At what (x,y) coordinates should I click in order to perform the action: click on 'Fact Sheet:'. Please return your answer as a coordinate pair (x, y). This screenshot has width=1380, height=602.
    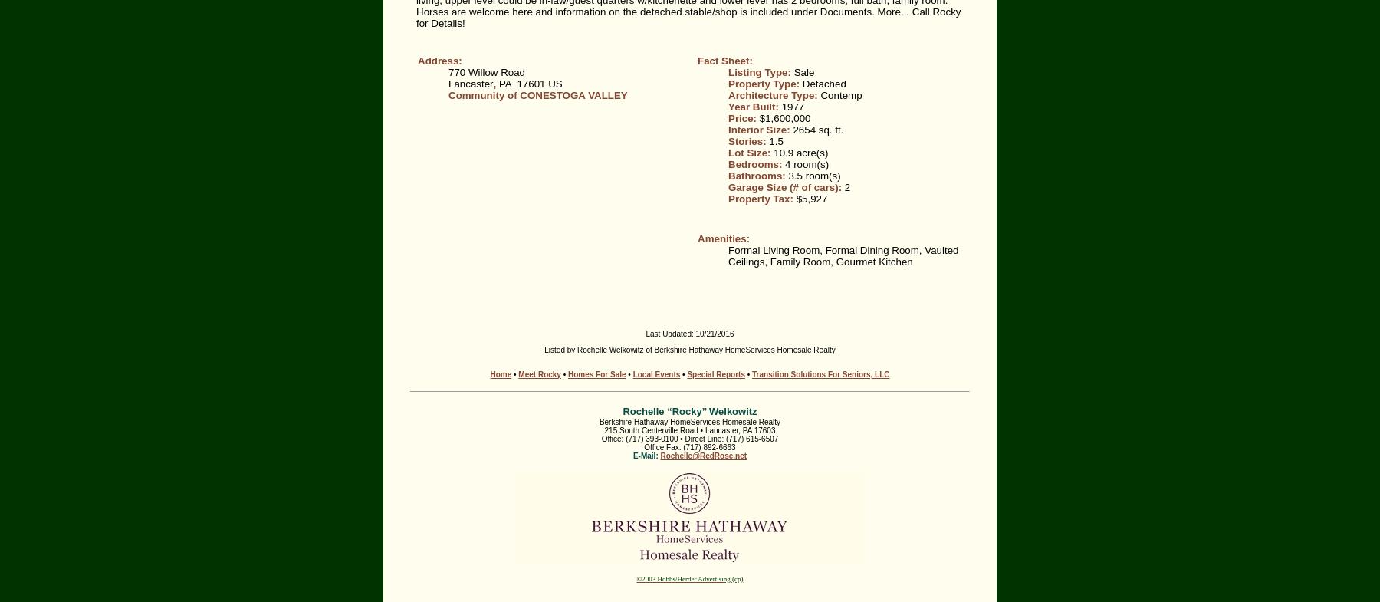
    Looking at the image, I should click on (724, 60).